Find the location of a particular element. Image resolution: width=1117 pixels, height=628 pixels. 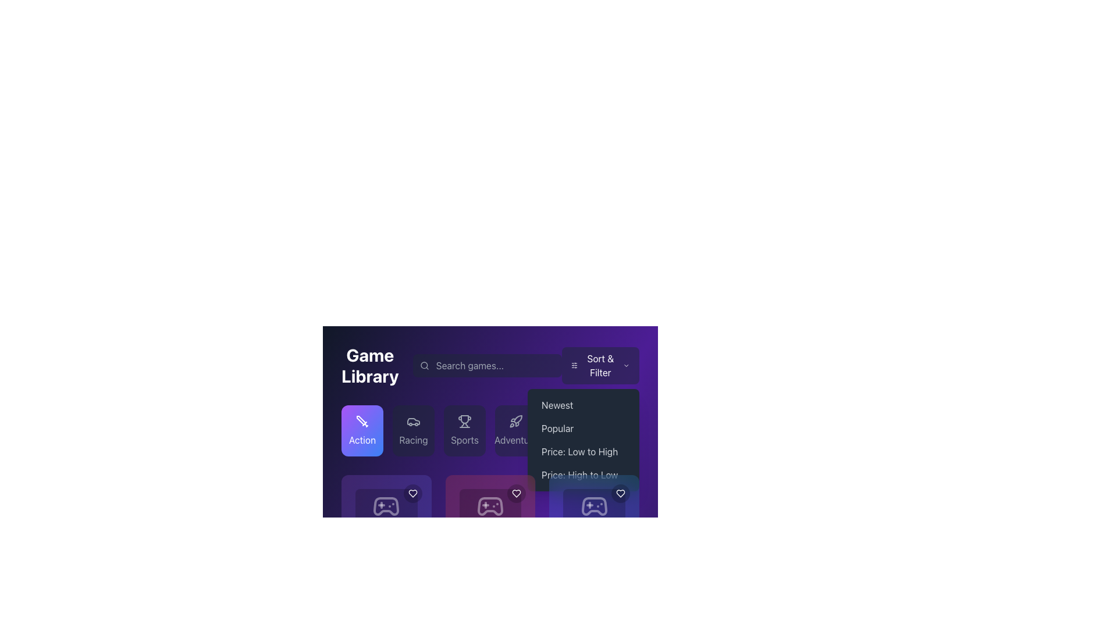

the small gray magnifying glass icon located inside the search field on the left side of the search bar is located at coordinates (424, 365).